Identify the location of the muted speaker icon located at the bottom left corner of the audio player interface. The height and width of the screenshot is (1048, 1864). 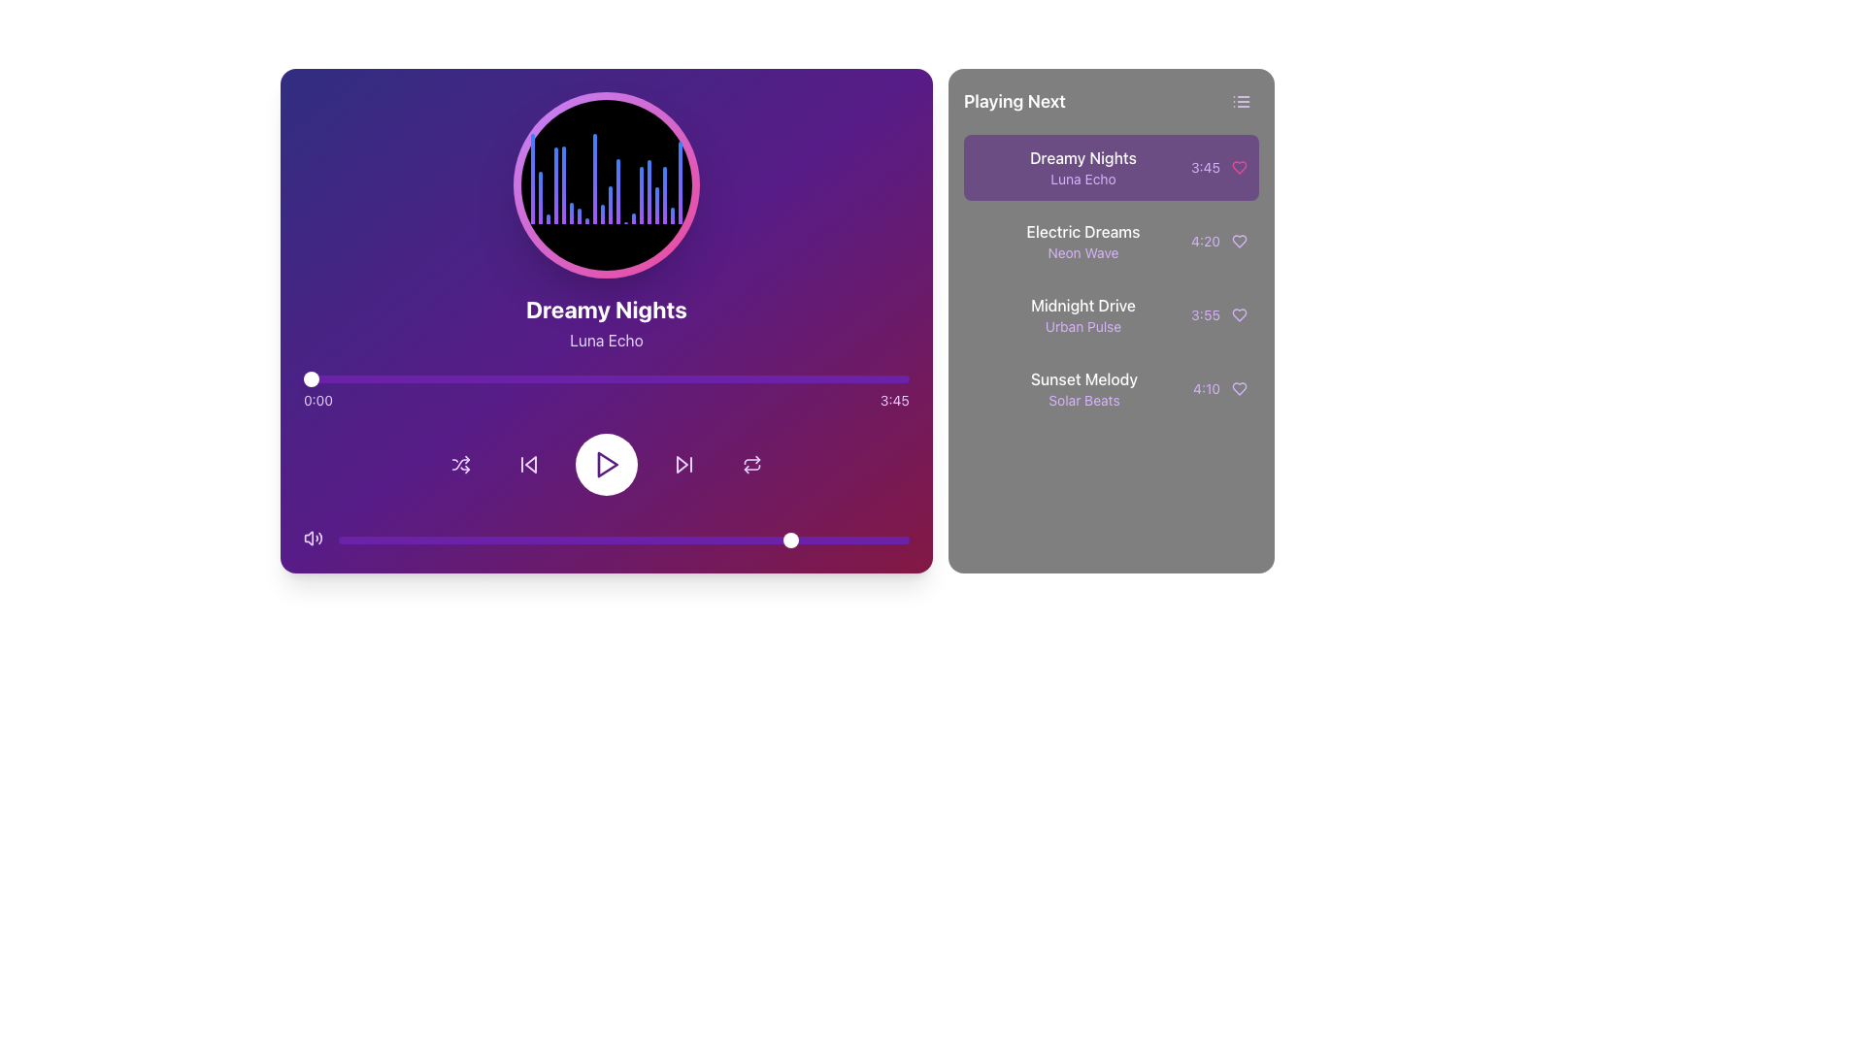
(308, 539).